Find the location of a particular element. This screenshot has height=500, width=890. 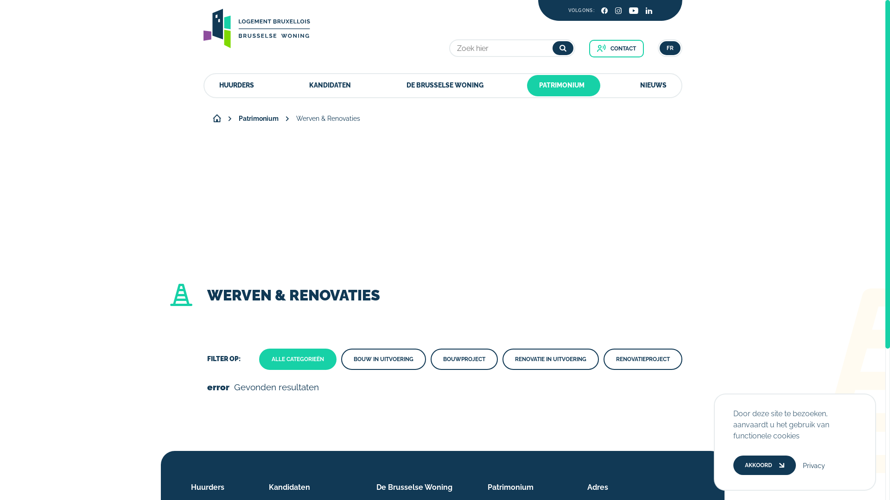

'AKKOORD' is located at coordinates (764, 465).